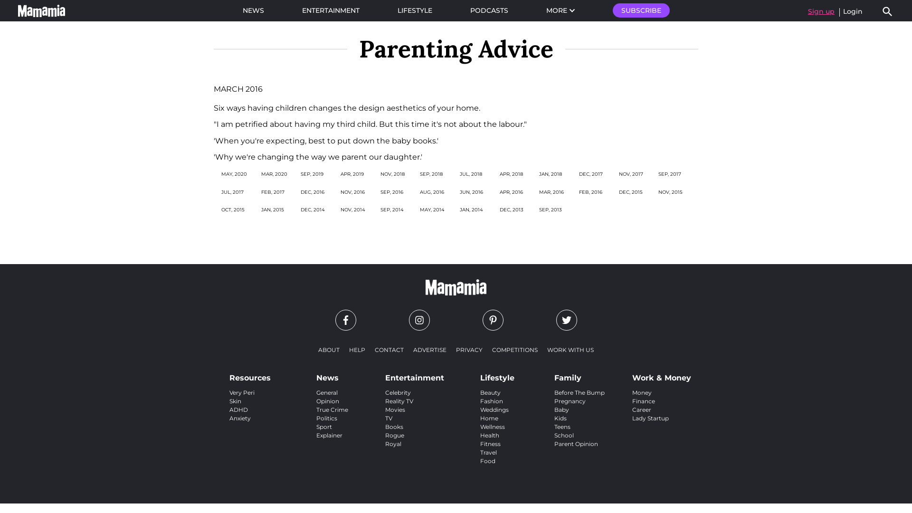 This screenshot has height=513, width=912. What do you see at coordinates (641, 10) in the screenshot?
I see `'SUBSCRIBE` at bounding box center [641, 10].